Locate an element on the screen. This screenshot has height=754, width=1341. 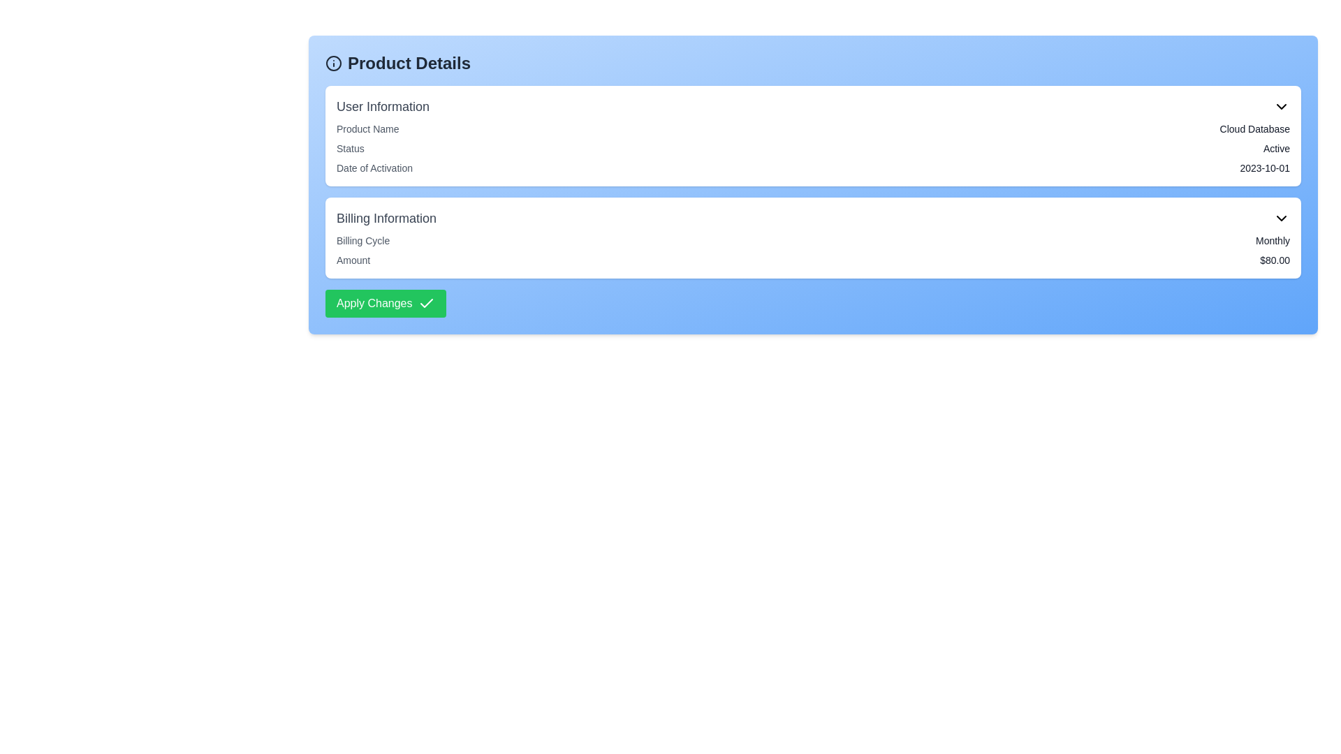
the button that applies changes in the form or settings located below 'Billing Information' to observe a visual change is located at coordinates (386, 303).